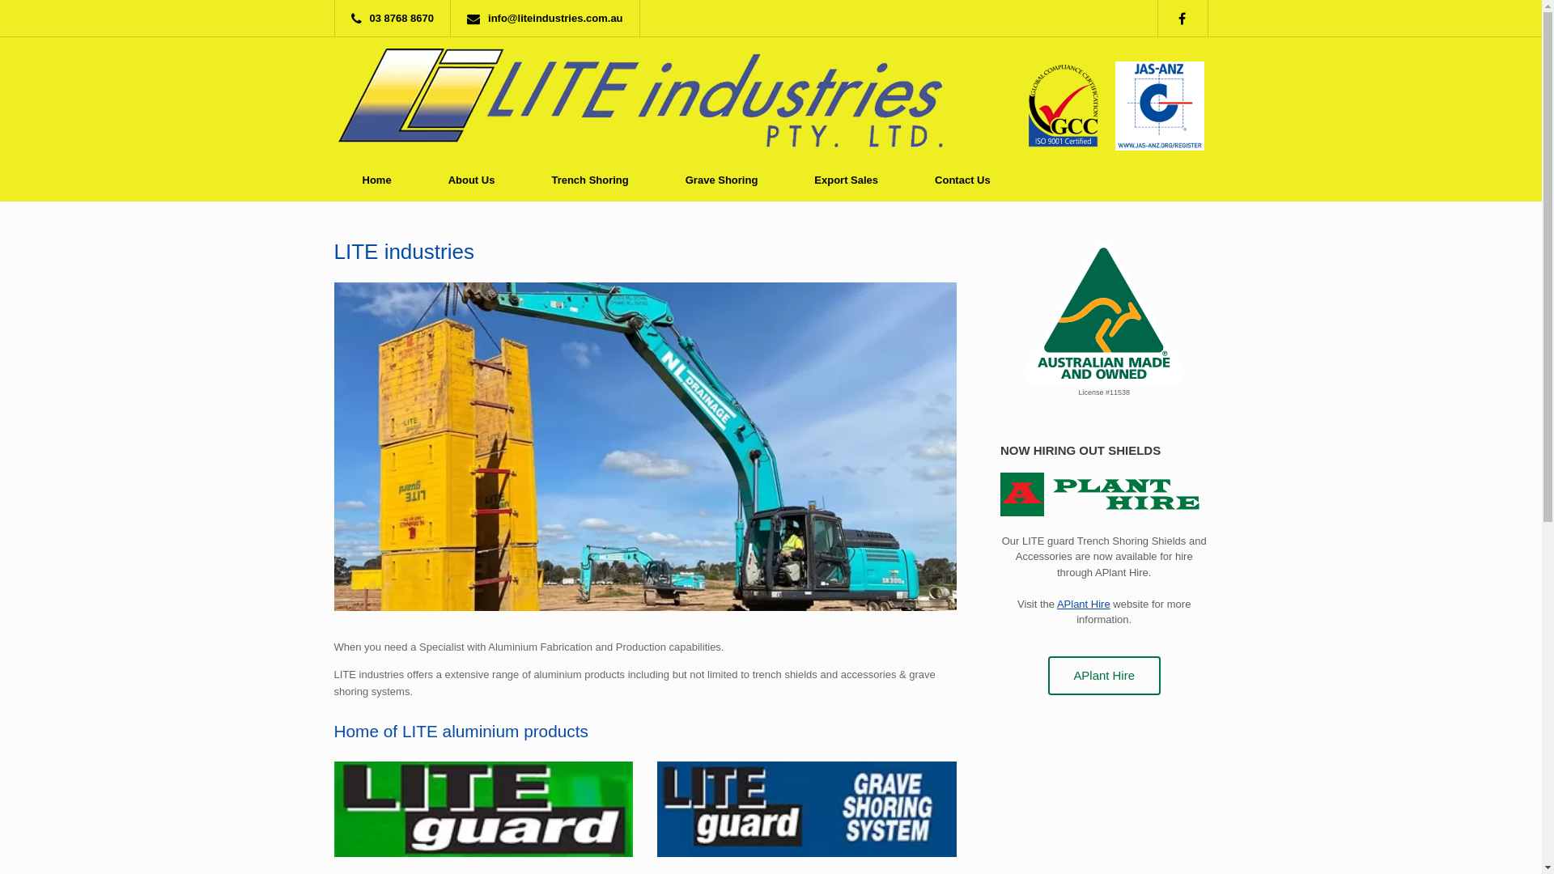  Describe the element at coordinates (962, 180) in the screenshot. I see `'Contact Us'` at that location.